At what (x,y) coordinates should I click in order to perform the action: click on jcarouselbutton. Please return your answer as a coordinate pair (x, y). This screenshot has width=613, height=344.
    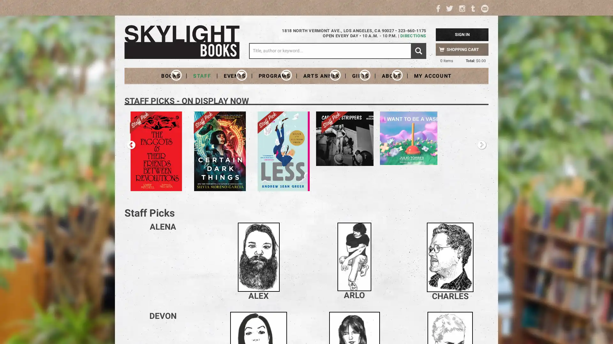
    Looking at the image, I should click on (481, 145).